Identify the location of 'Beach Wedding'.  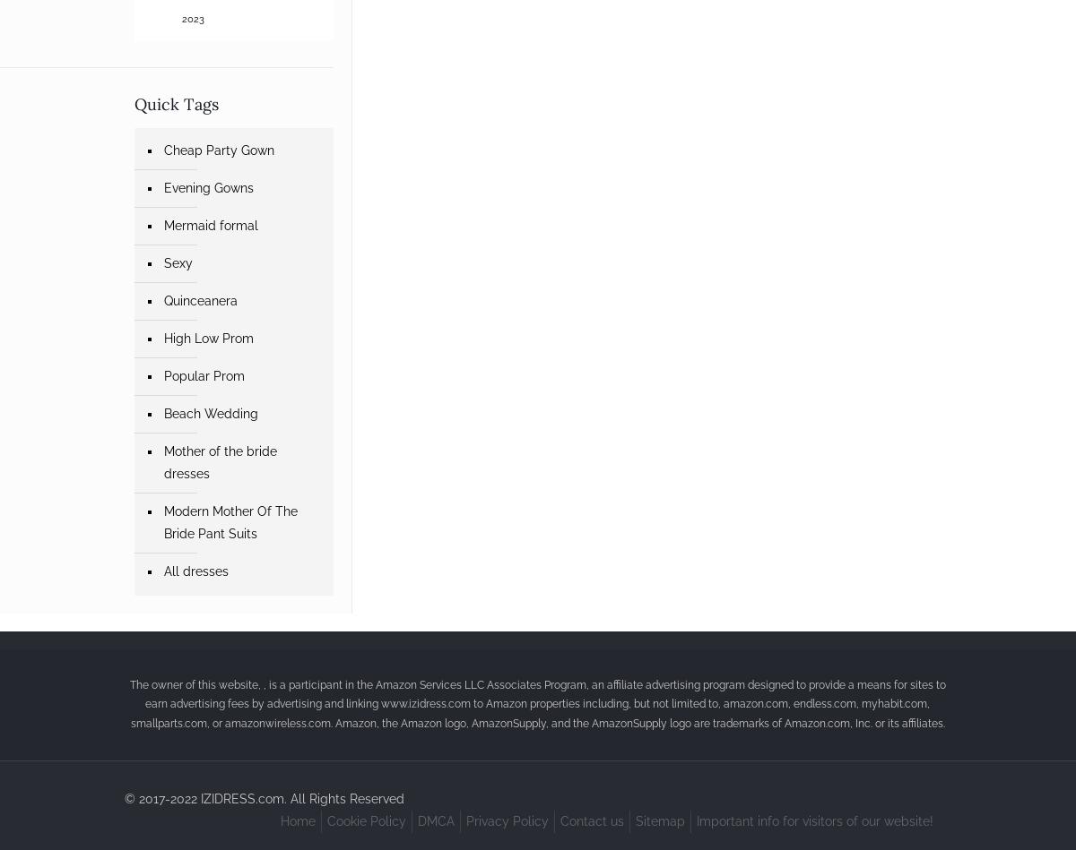
(210, 413).